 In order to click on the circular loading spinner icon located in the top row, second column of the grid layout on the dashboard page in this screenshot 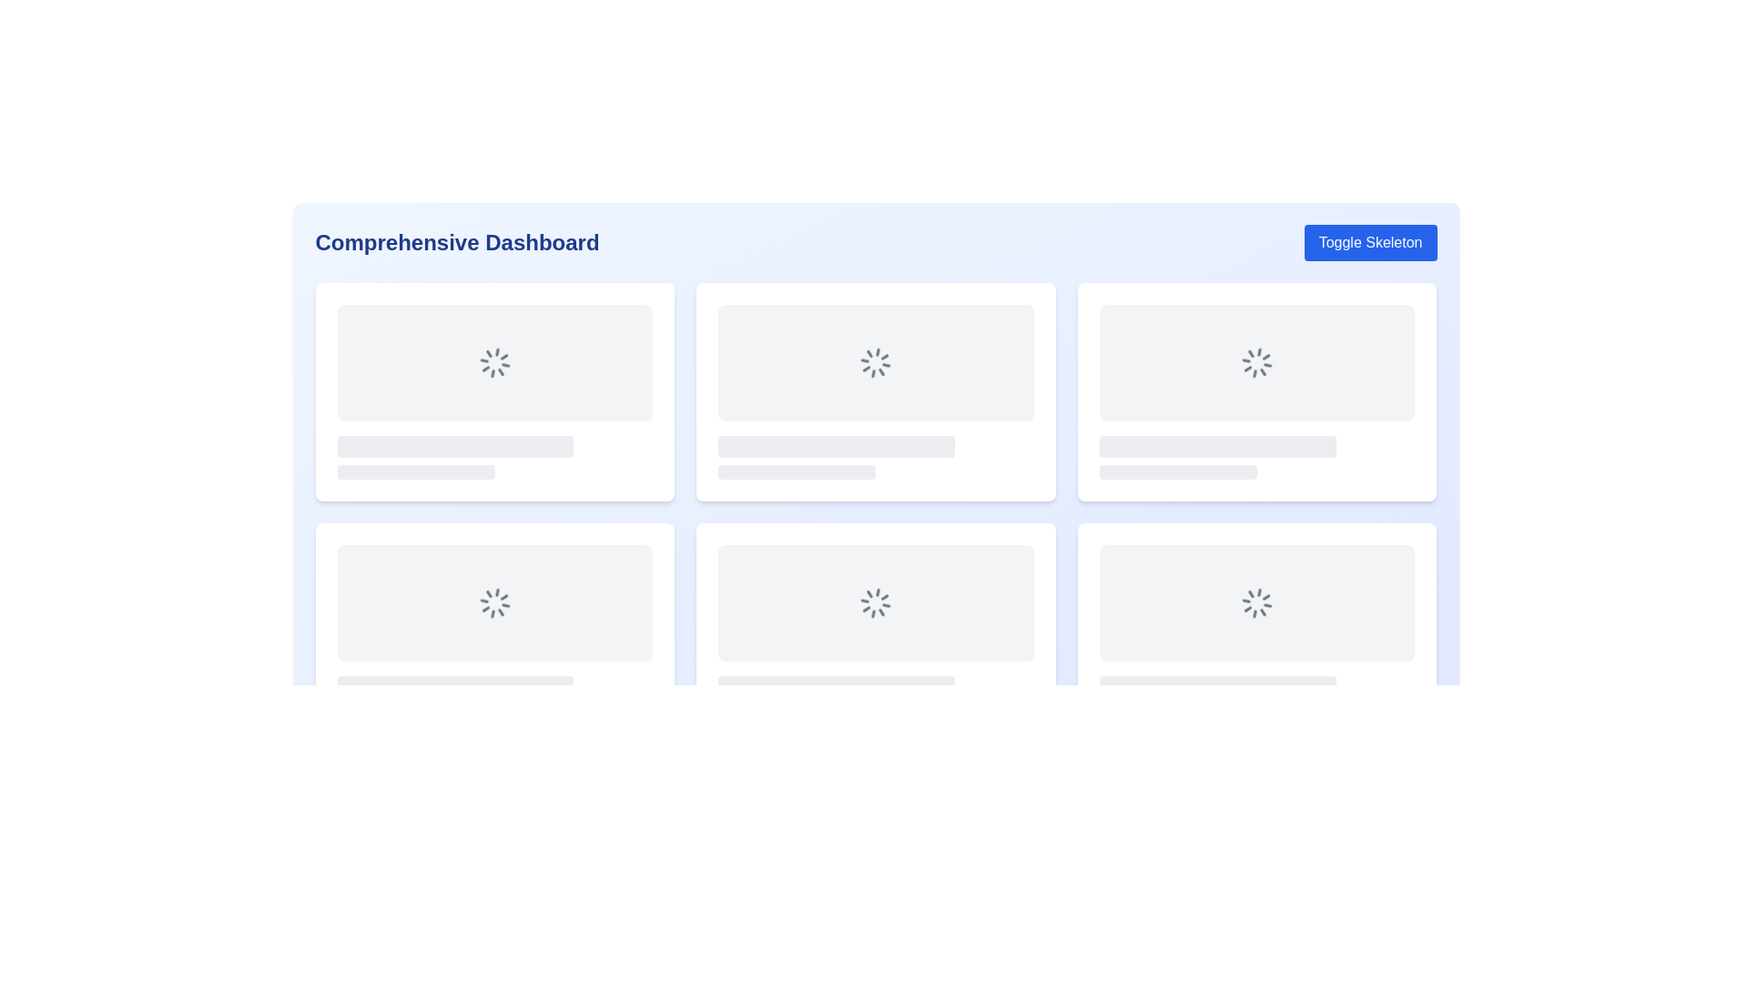, I will do `click(876, 362)`.